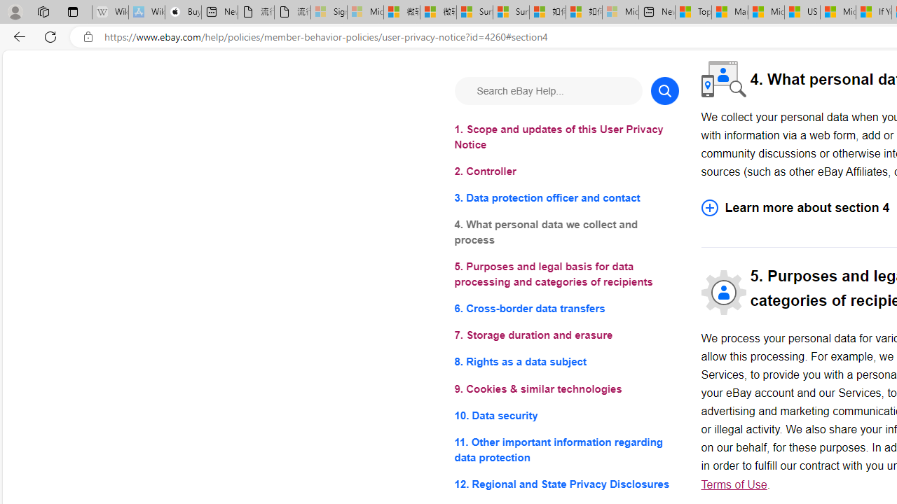  What do you see at coordinates (566, 361) in the screenshot?
I see `'8. Rights as a data subject'` at bounding box center [566, 361].